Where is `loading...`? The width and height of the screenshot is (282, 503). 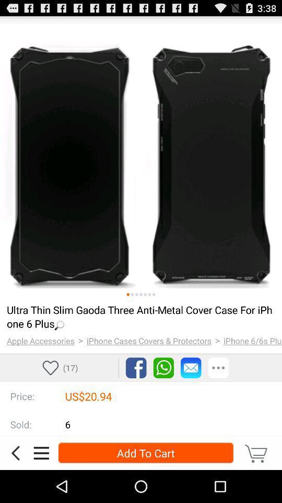
loading... is located at coordinates (139, 316).